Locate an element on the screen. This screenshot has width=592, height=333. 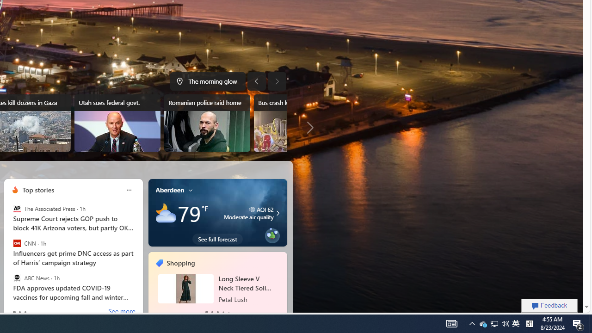
'Bus crash kills 28 in Iran' is located at coordinates (296, 123).